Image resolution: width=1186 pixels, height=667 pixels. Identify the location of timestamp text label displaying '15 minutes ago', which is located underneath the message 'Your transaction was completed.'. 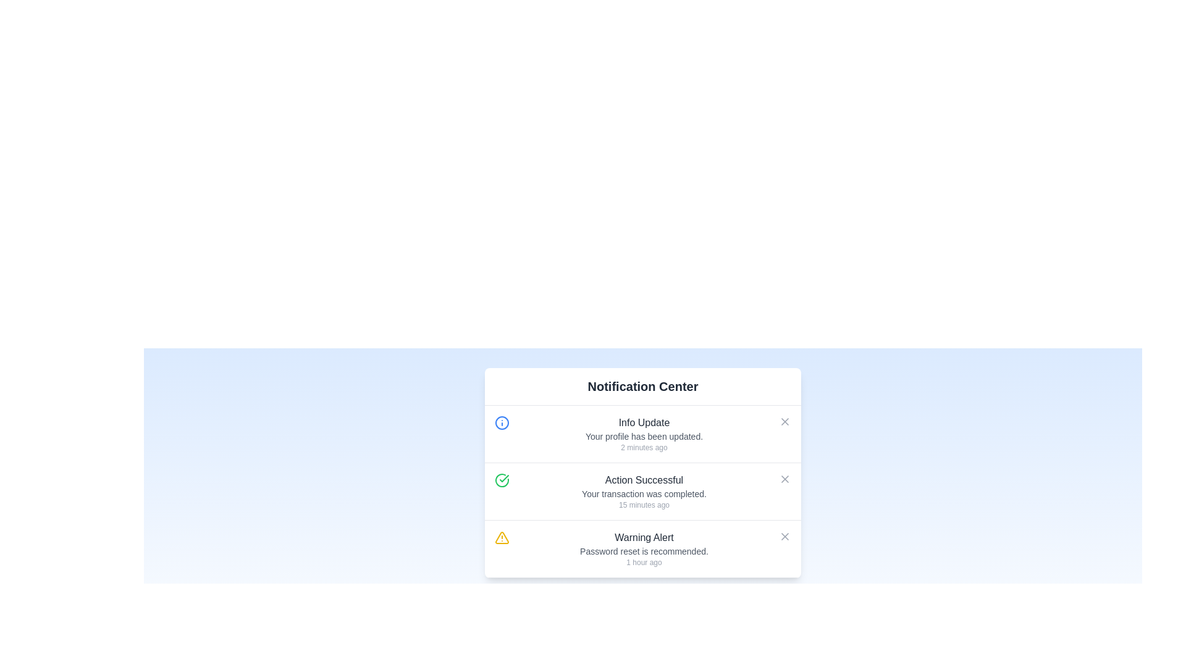
(643, 505).